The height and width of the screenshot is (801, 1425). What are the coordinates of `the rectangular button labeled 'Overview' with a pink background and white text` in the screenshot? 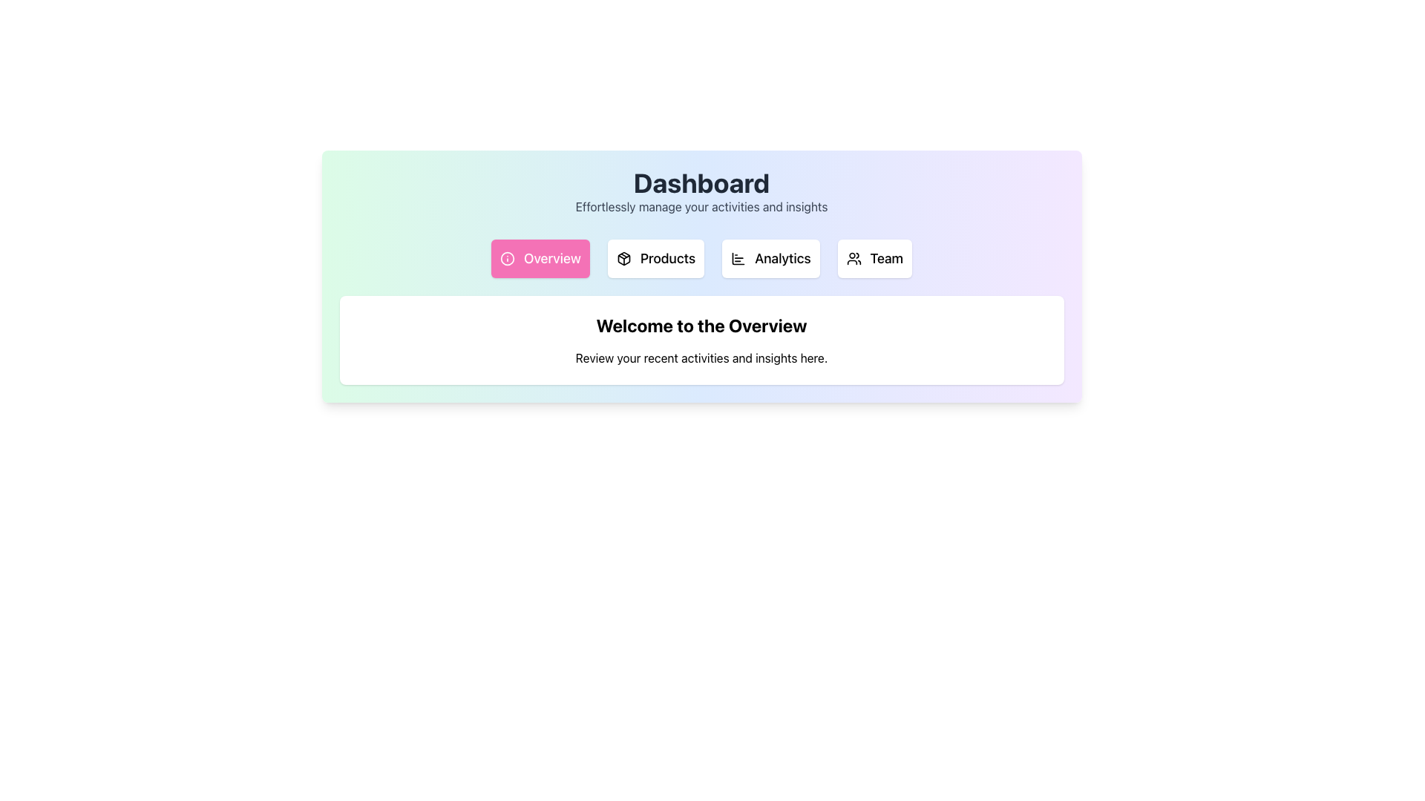 It's located at (540, 257).